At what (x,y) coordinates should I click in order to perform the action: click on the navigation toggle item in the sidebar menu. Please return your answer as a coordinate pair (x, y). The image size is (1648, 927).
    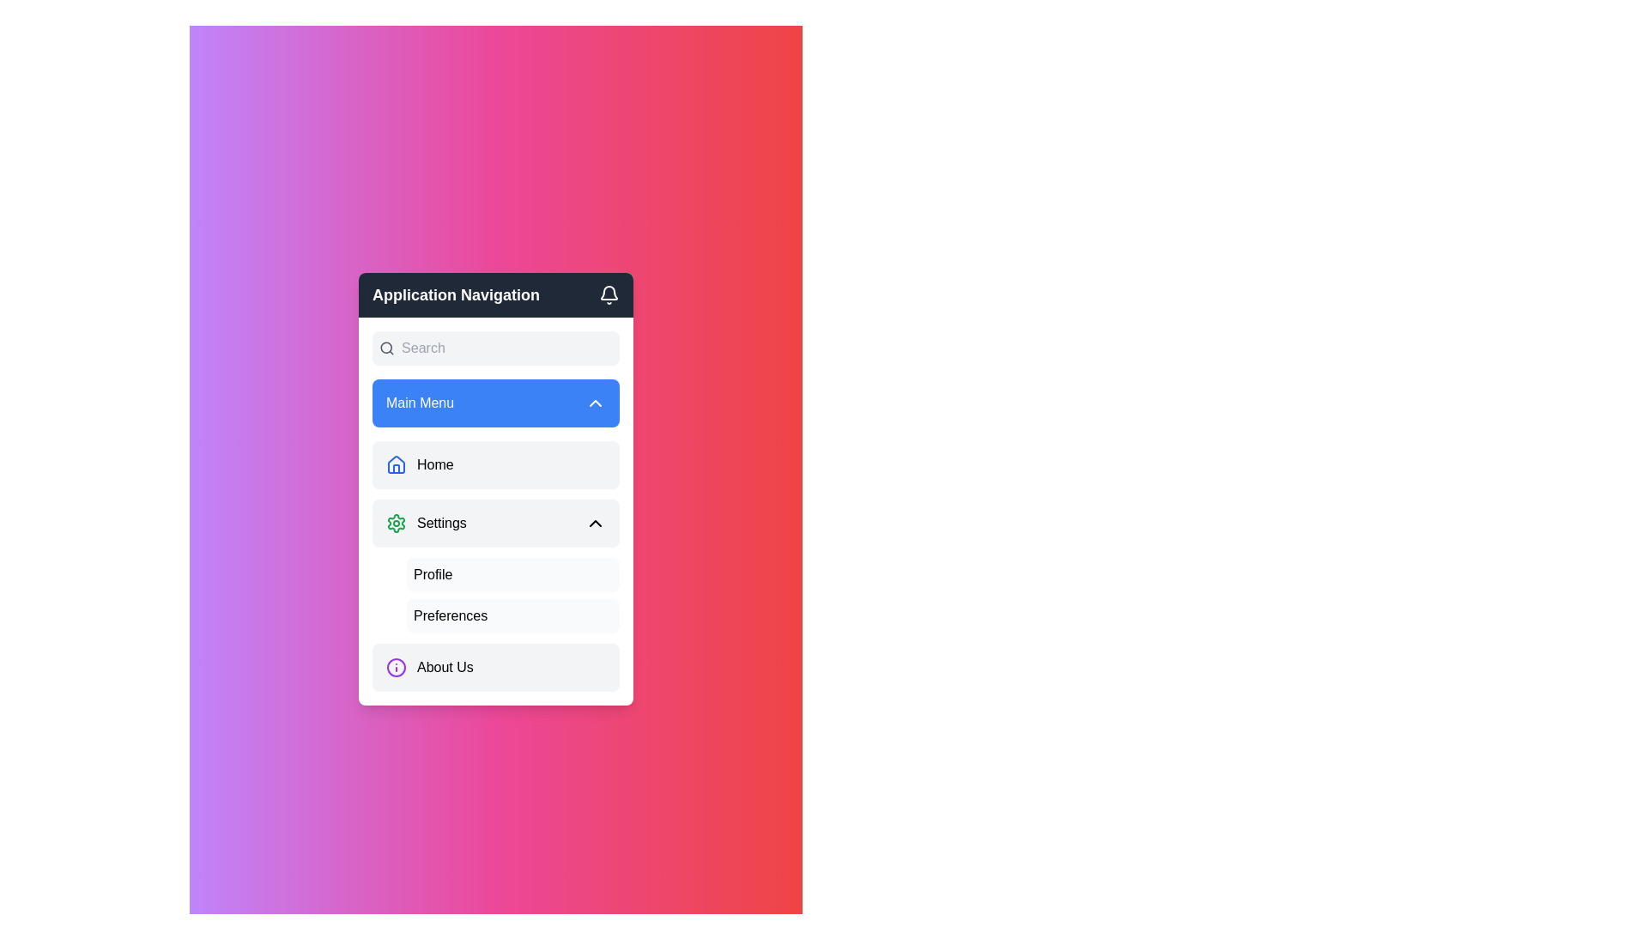
    Looking at the image, I should click on (494, 522).